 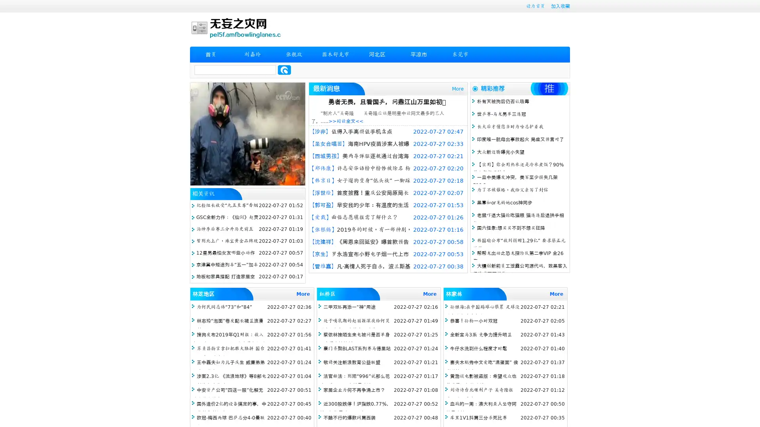 I want to click on Search, so click(x=284, y=70).